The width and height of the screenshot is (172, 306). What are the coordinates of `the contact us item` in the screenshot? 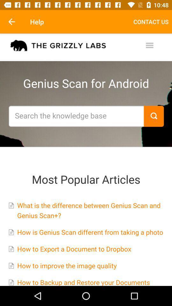 It's located at (151, 22).